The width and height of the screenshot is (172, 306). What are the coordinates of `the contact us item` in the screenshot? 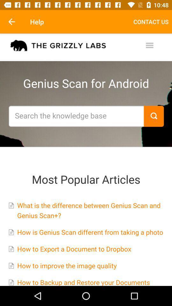 It's located at (151, 22).